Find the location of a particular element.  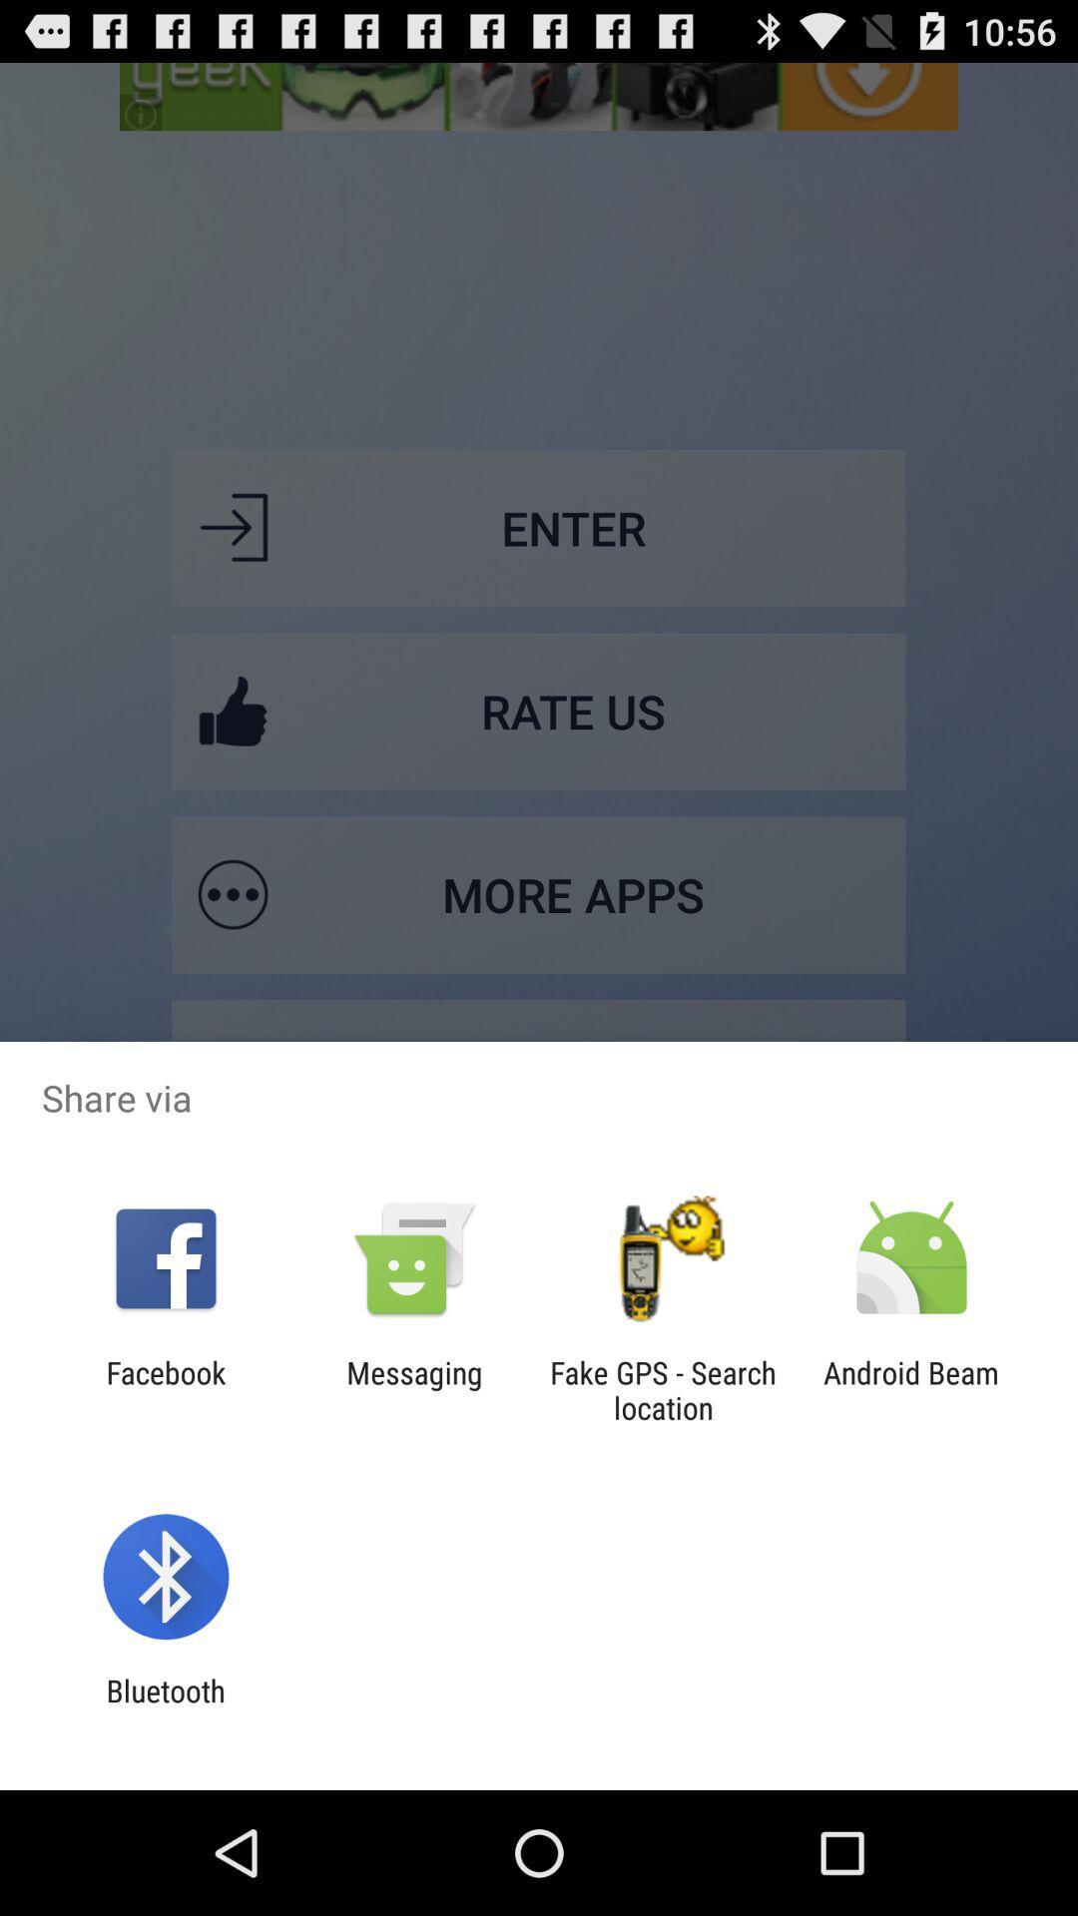

the icon to the right of the messaging icon is located at coordinates (663, 1389).